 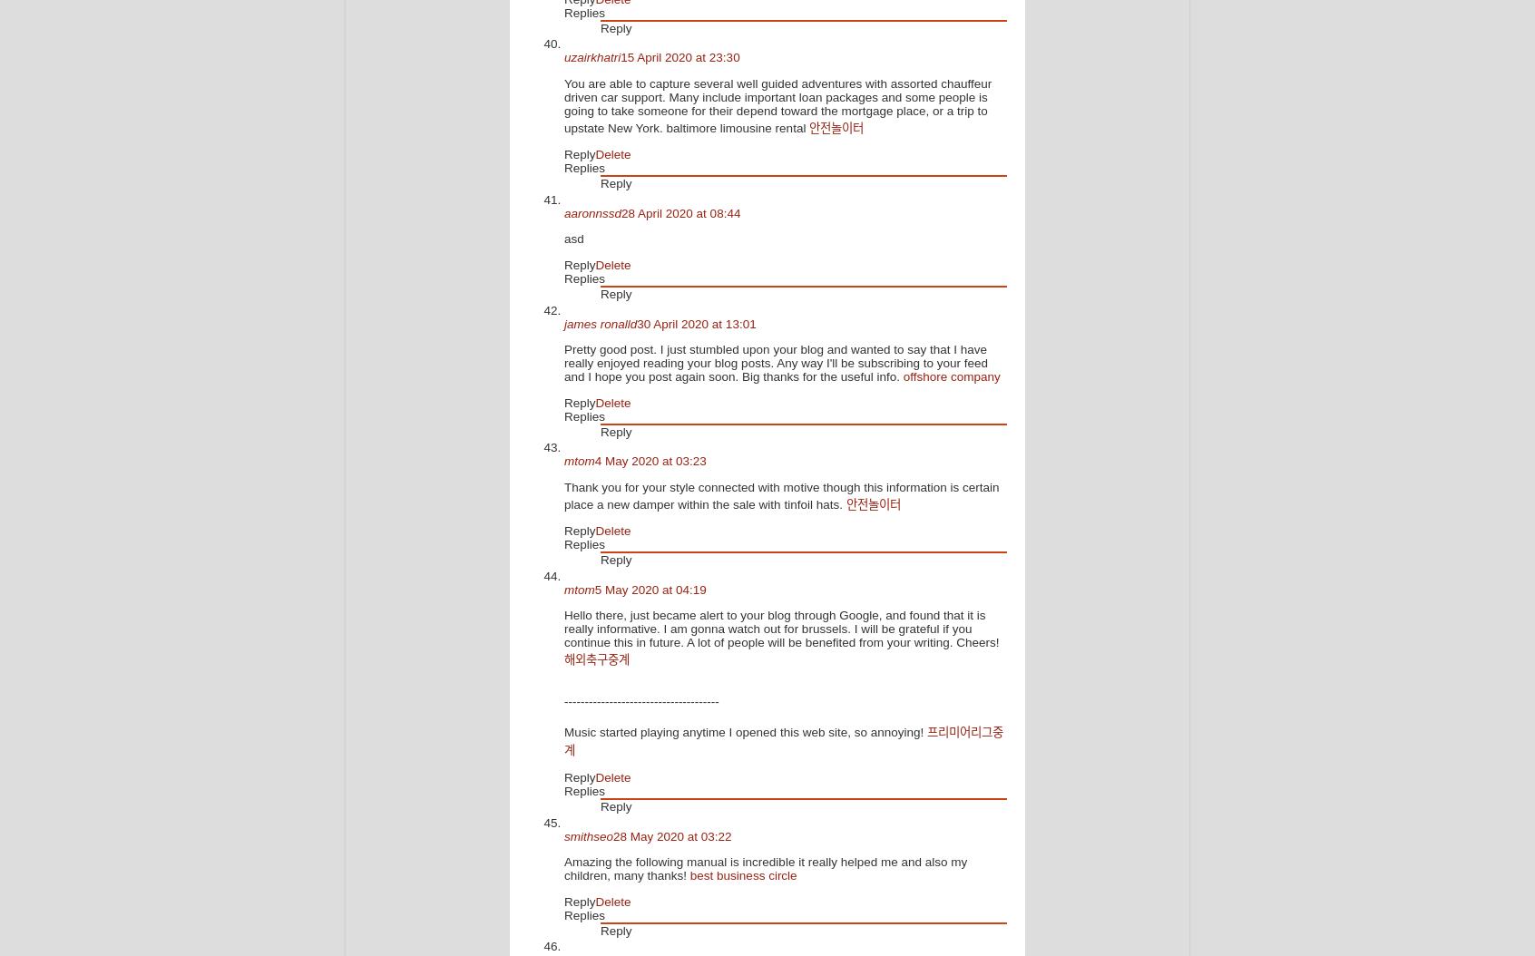 What do you see at coordinates (612, 834) in the screenshot?
I see `'28 May 2020 at 03:22'` at bounding box center [612, 834].